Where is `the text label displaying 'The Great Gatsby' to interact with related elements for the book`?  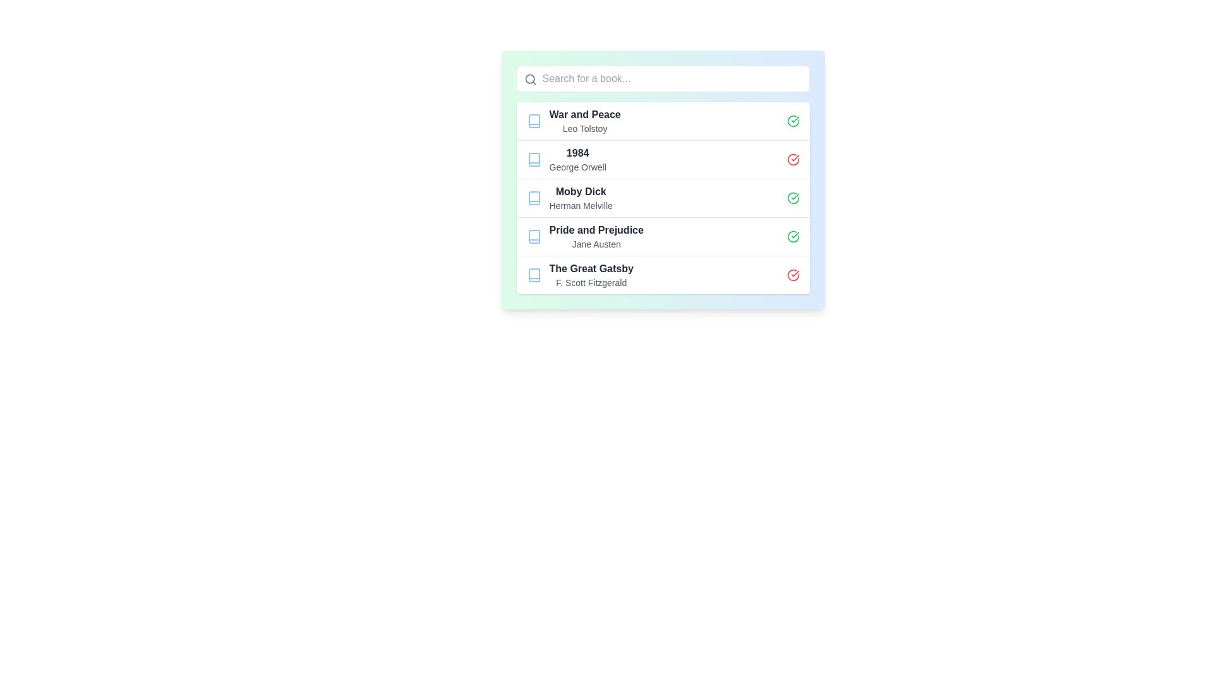
the text label displaying 'The Great Gatsby' to interact with related elements for the book is located at coordinates (591, 268).